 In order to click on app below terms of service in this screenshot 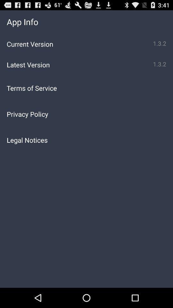, I will do `click(86, 114)`.